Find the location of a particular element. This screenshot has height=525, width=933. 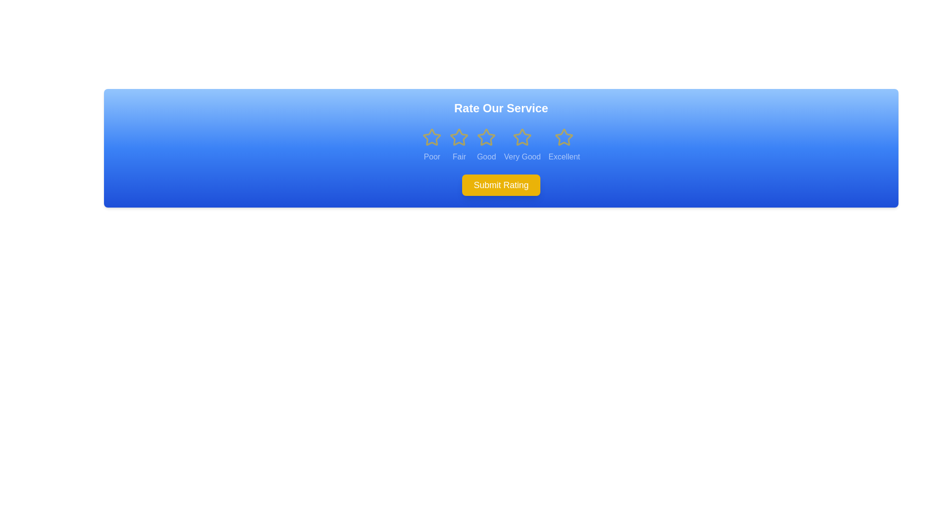

the yellow star icon for the 'Poor' rating option, which is the first in a row of five rating options under the 'Rate Our Service' title is located at coordinates (432, 145).